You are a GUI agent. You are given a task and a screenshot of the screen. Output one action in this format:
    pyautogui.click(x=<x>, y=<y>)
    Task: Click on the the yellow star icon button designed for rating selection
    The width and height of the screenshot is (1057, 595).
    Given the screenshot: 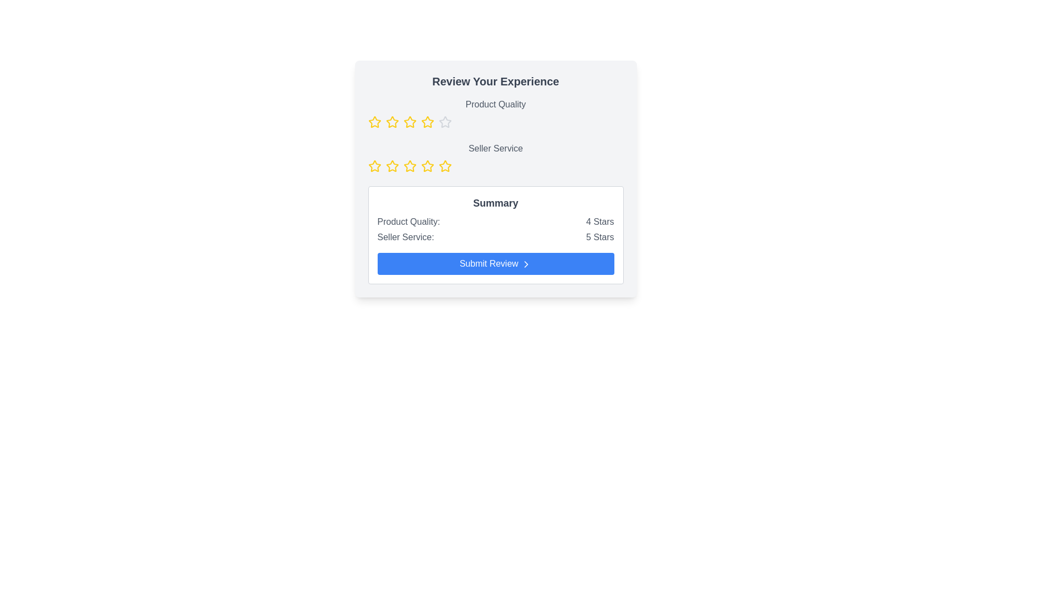 What is the action you would take?
    pyautogui.click(x=374, y=166)
    